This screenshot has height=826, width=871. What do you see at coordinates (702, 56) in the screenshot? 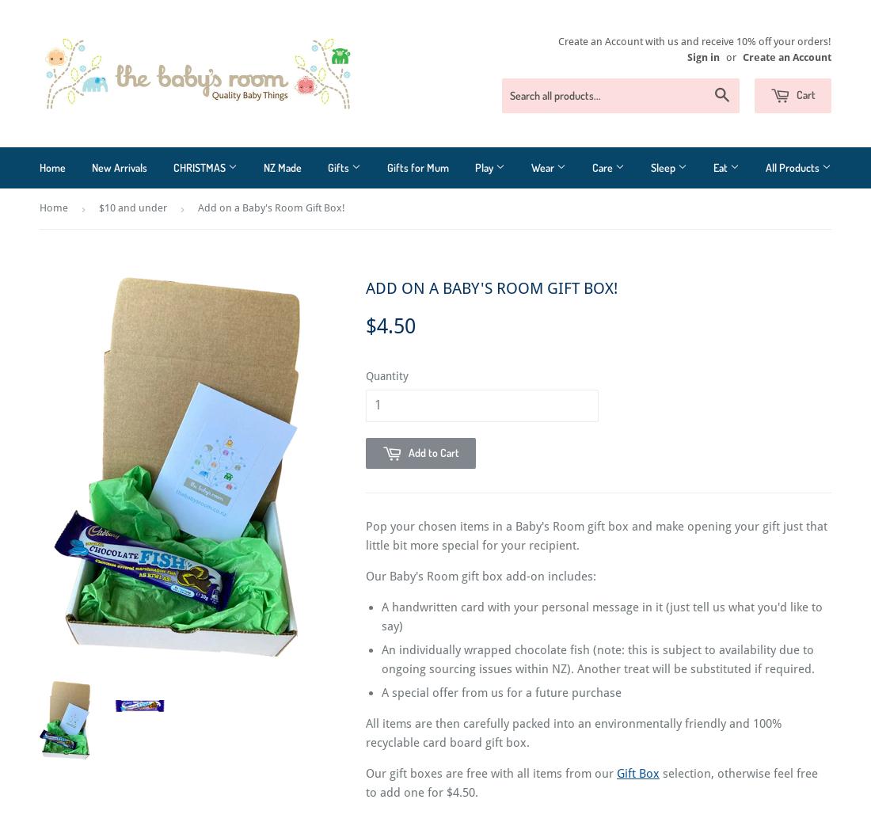
I see `'Sign in'` at bounding box center [702, 56].